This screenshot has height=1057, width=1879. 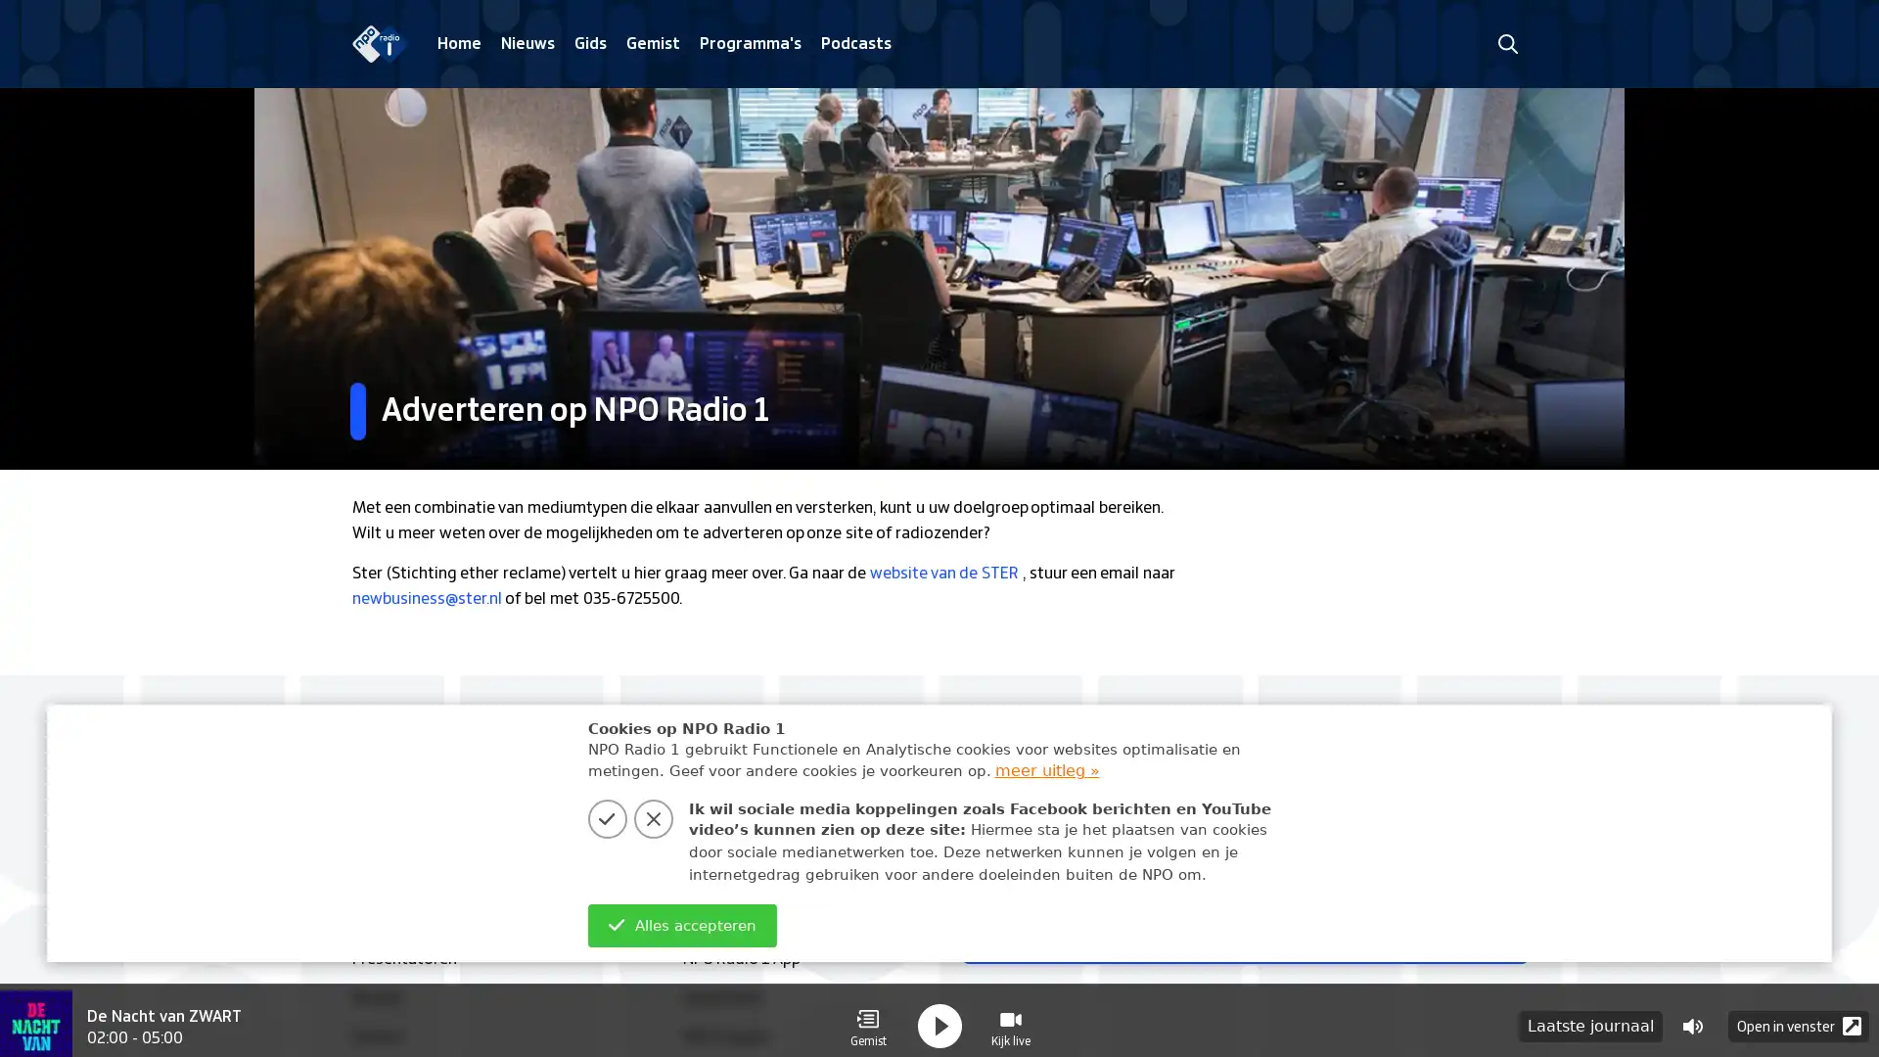 What do you see at coordinates (1799, 1014) in the screenshot?
I see `Open in venster Popup Icon` at bounding box center [1799, 1014].